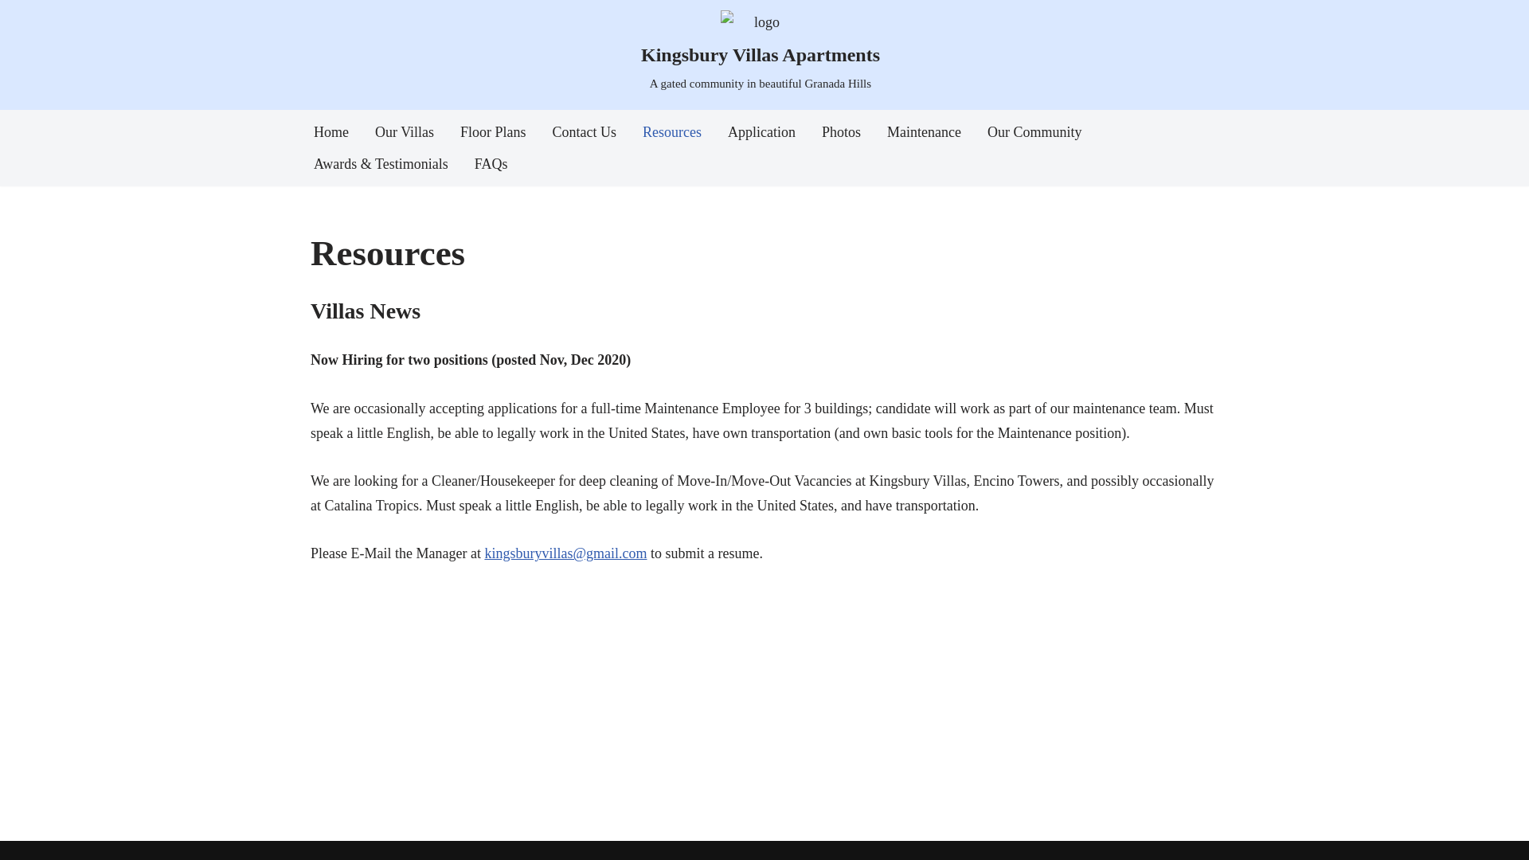 This screenshot has height=860, width=1529. Describe the element at coordinates (483, 552) in the screenshot. I see `'kingsburyvillas@gmail.com'` at that location.